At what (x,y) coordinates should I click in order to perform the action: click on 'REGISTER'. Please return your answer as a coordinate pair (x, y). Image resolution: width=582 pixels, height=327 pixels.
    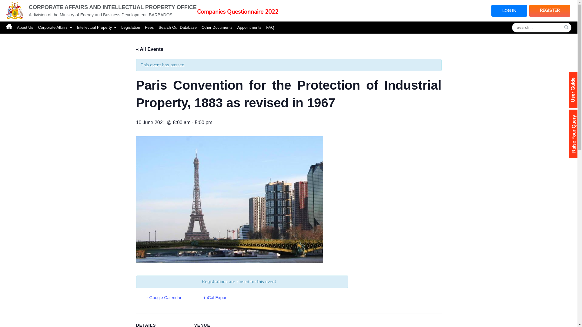
    Looking at the image, I should click on (550, 11).